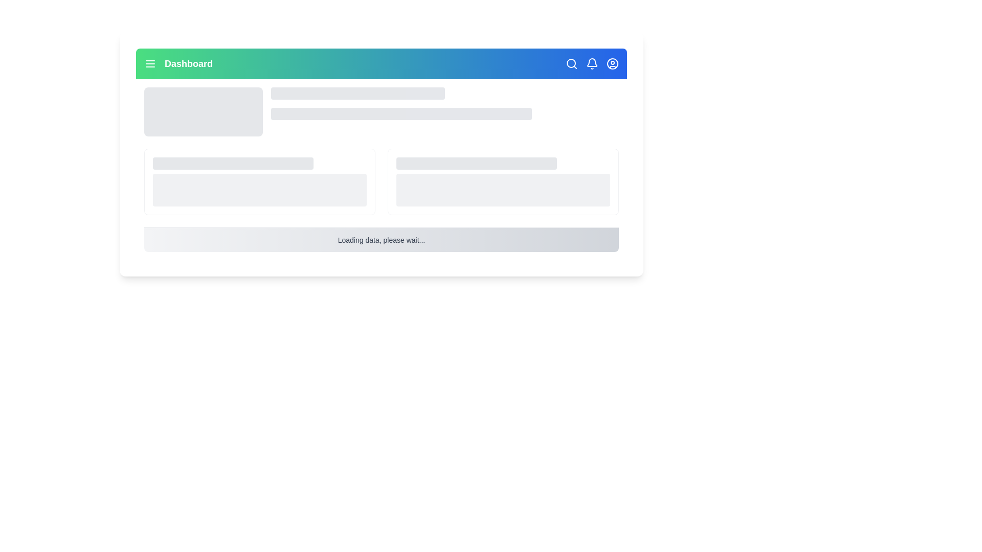  I want to click on Header bar located at the top of the interface, which hosts navigation features, for information, so click(381, 63).